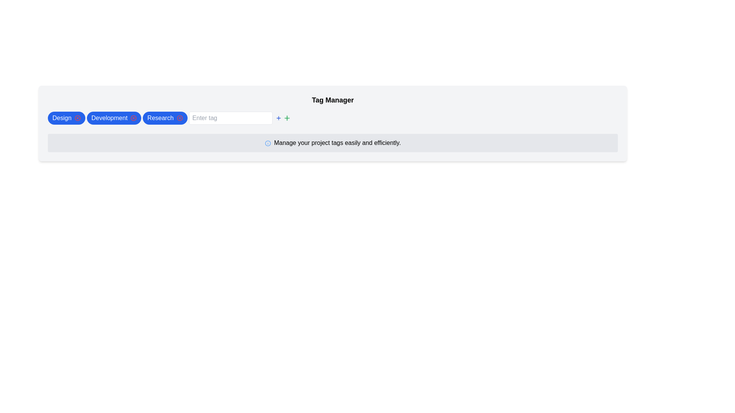  Describe the element at coordinates (286, 118) in the screenshot. I see `the button styled as an icon for adding new tags` at that location.